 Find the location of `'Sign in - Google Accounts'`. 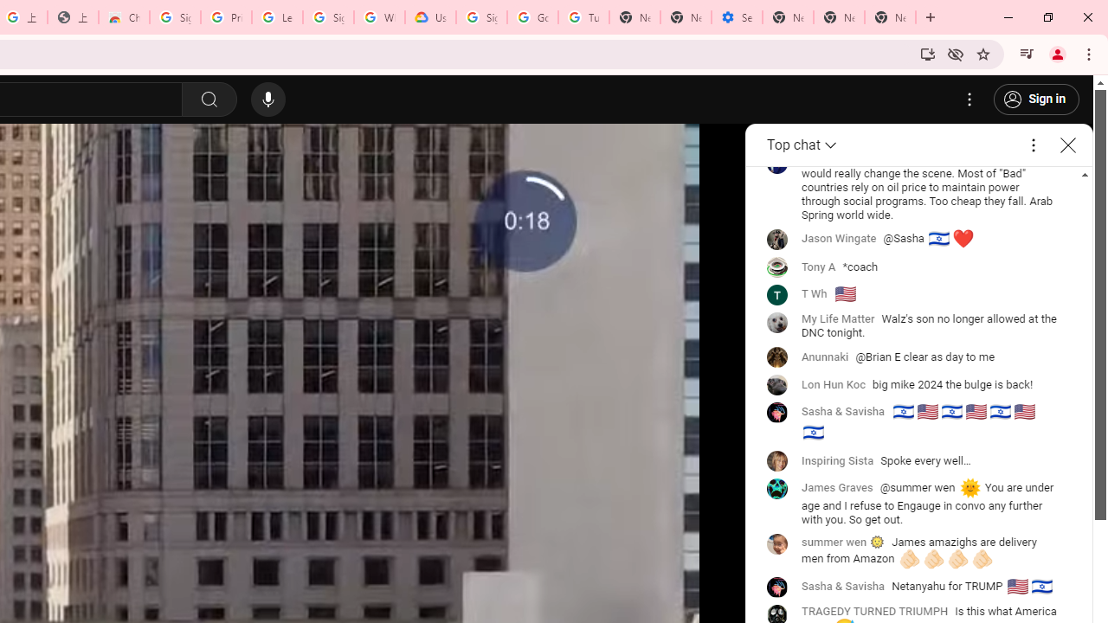

'Sign in - Google Accounts' is located at coordinates (175, 17).